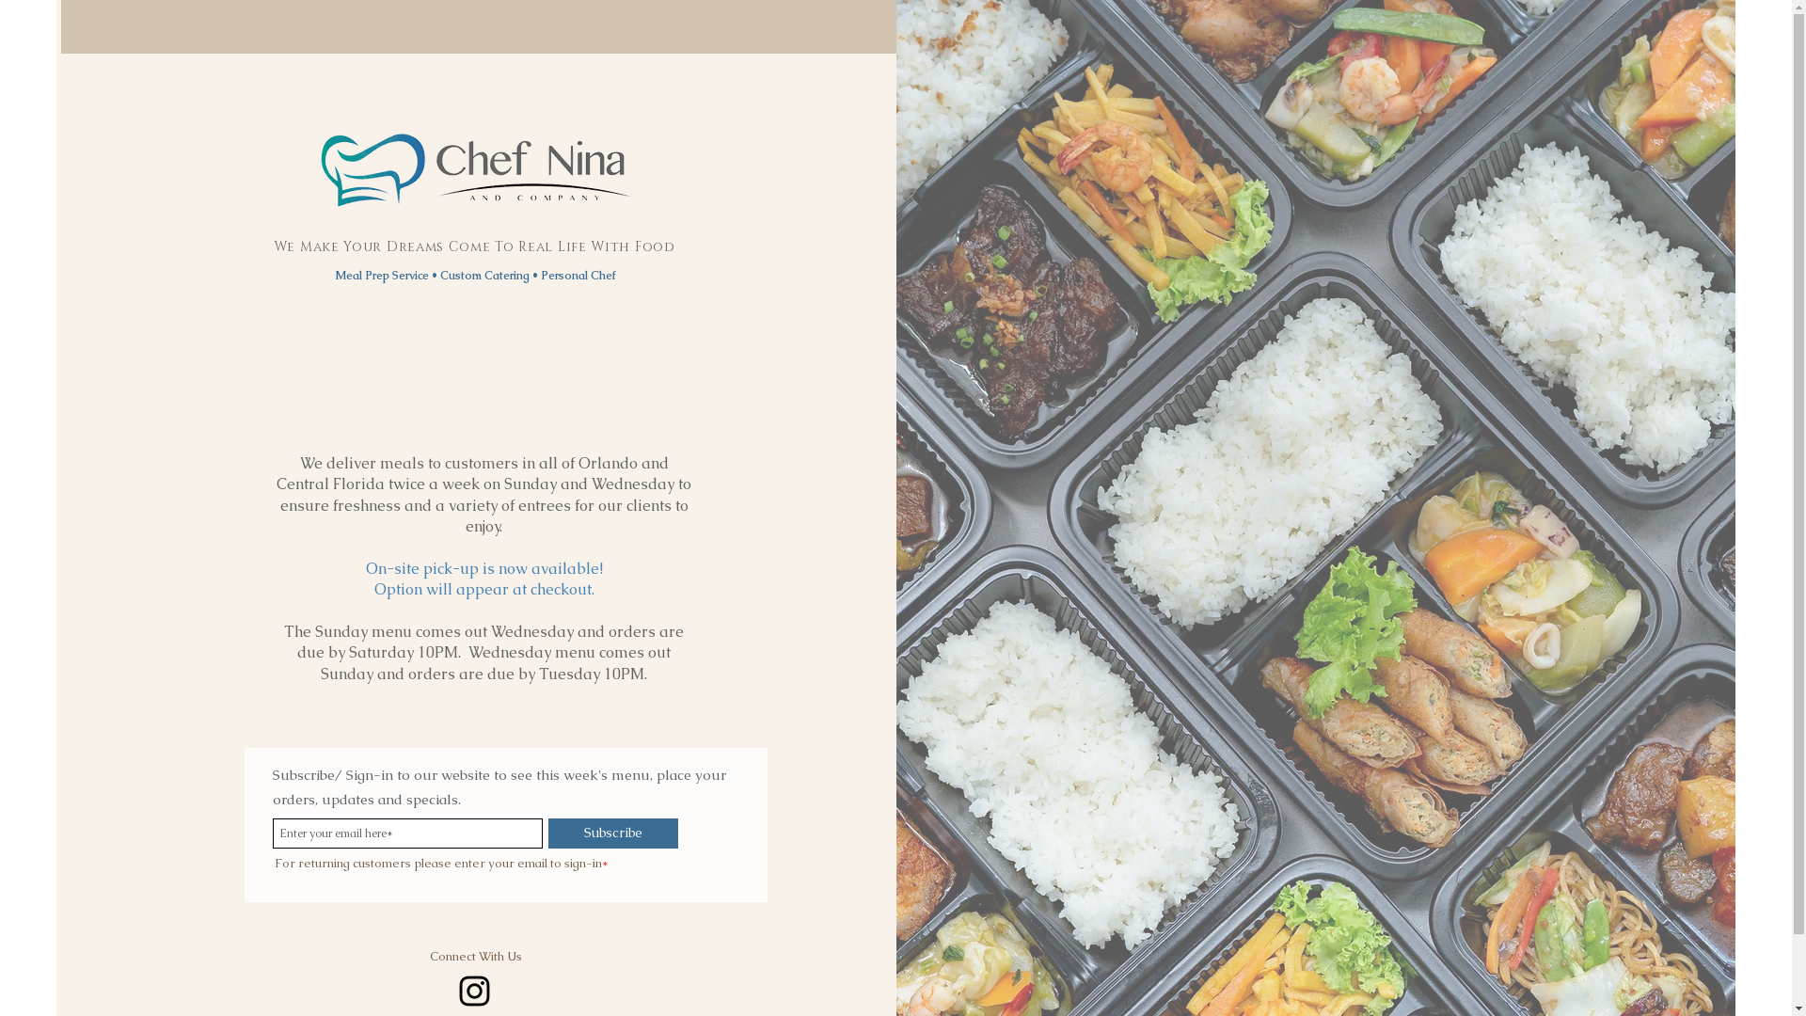 The height and width of the screenshot is (1016, 1806). I want to click on 'Subscribe', so click(613, 833).